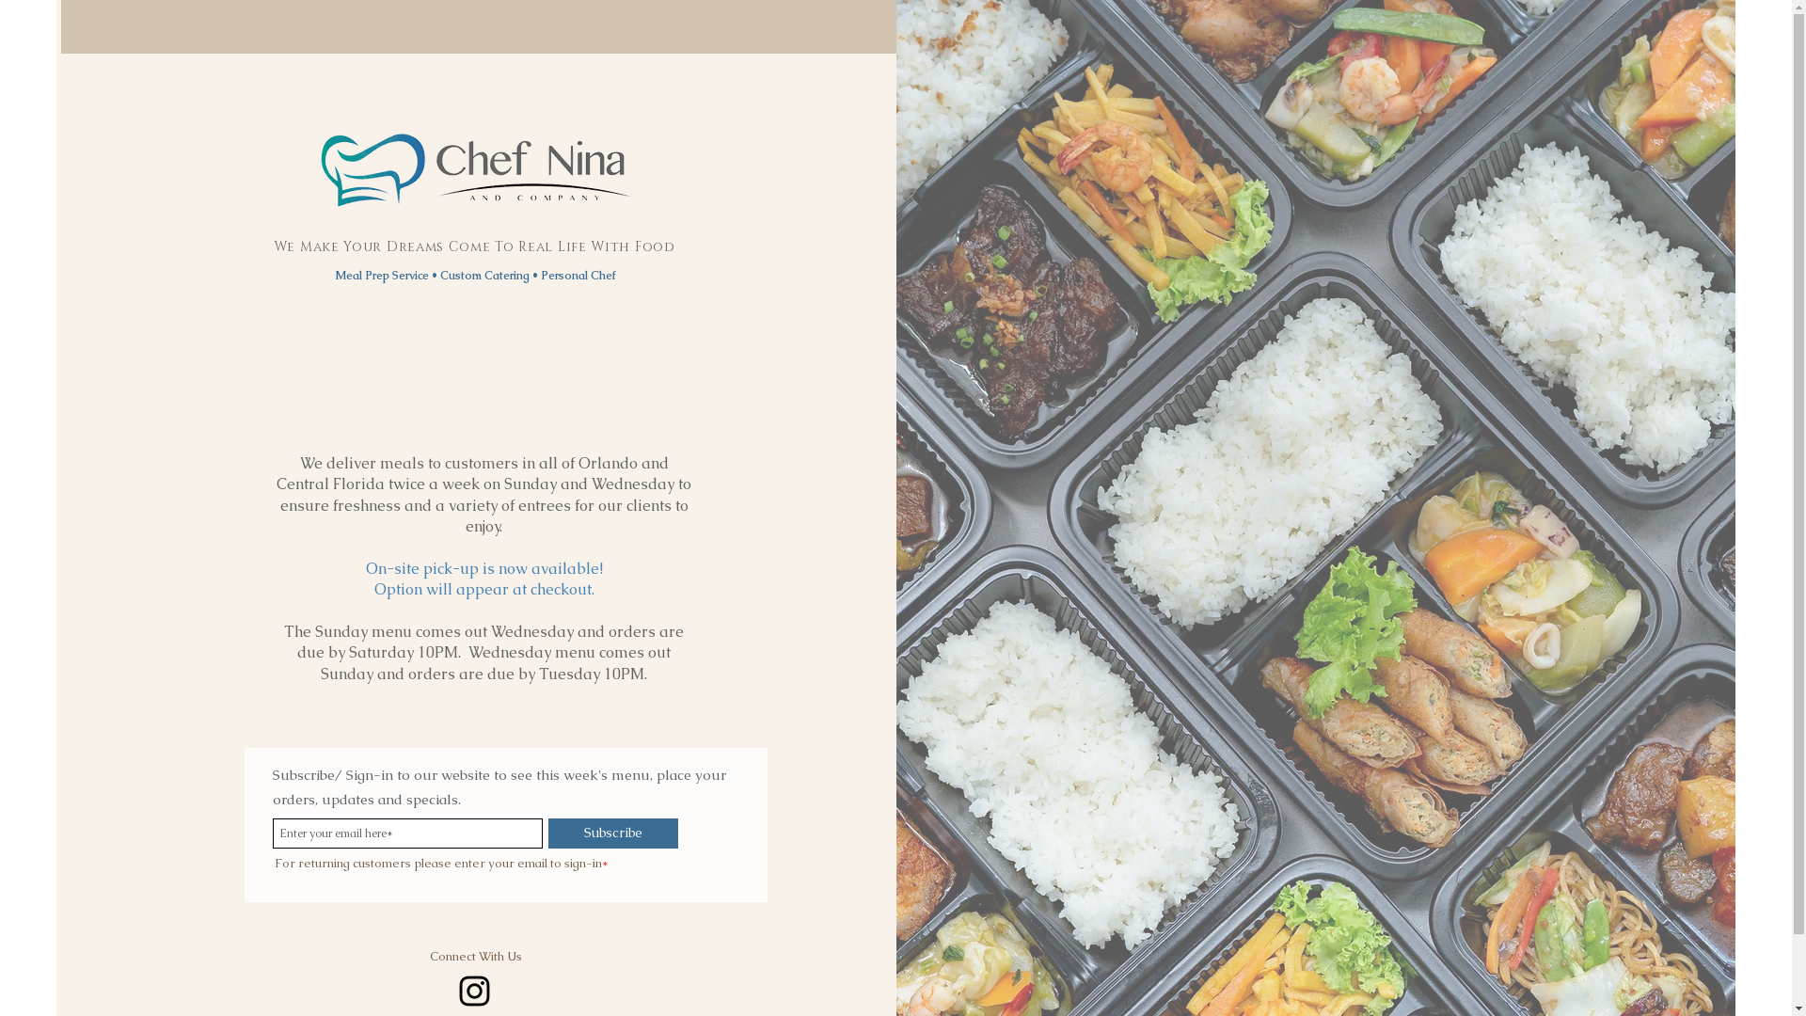 The height and width of the screenshot is (1016, 1806). I want to click on 'Subscribe', so click(613, 833).